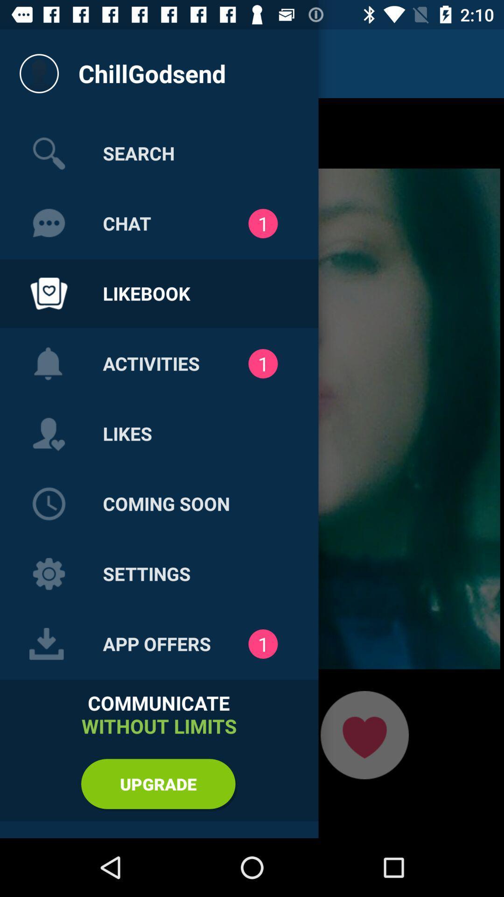 The height and width of the screenshot is (897, 504). What do you see at coordinates (152, 73) in the screenshot?
I see `the text below the notification bar` at bounding box center [152, 73].